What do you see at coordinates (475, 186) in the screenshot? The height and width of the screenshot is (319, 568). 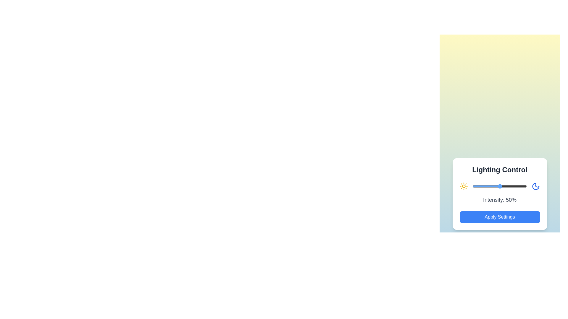 I see `the slider to set the lighting intensity to 5%` at bounding box center [475, 186].